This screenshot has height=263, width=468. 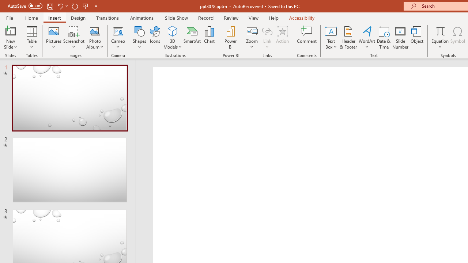 I want to click on 'Object...', so click(x=417, y=38).